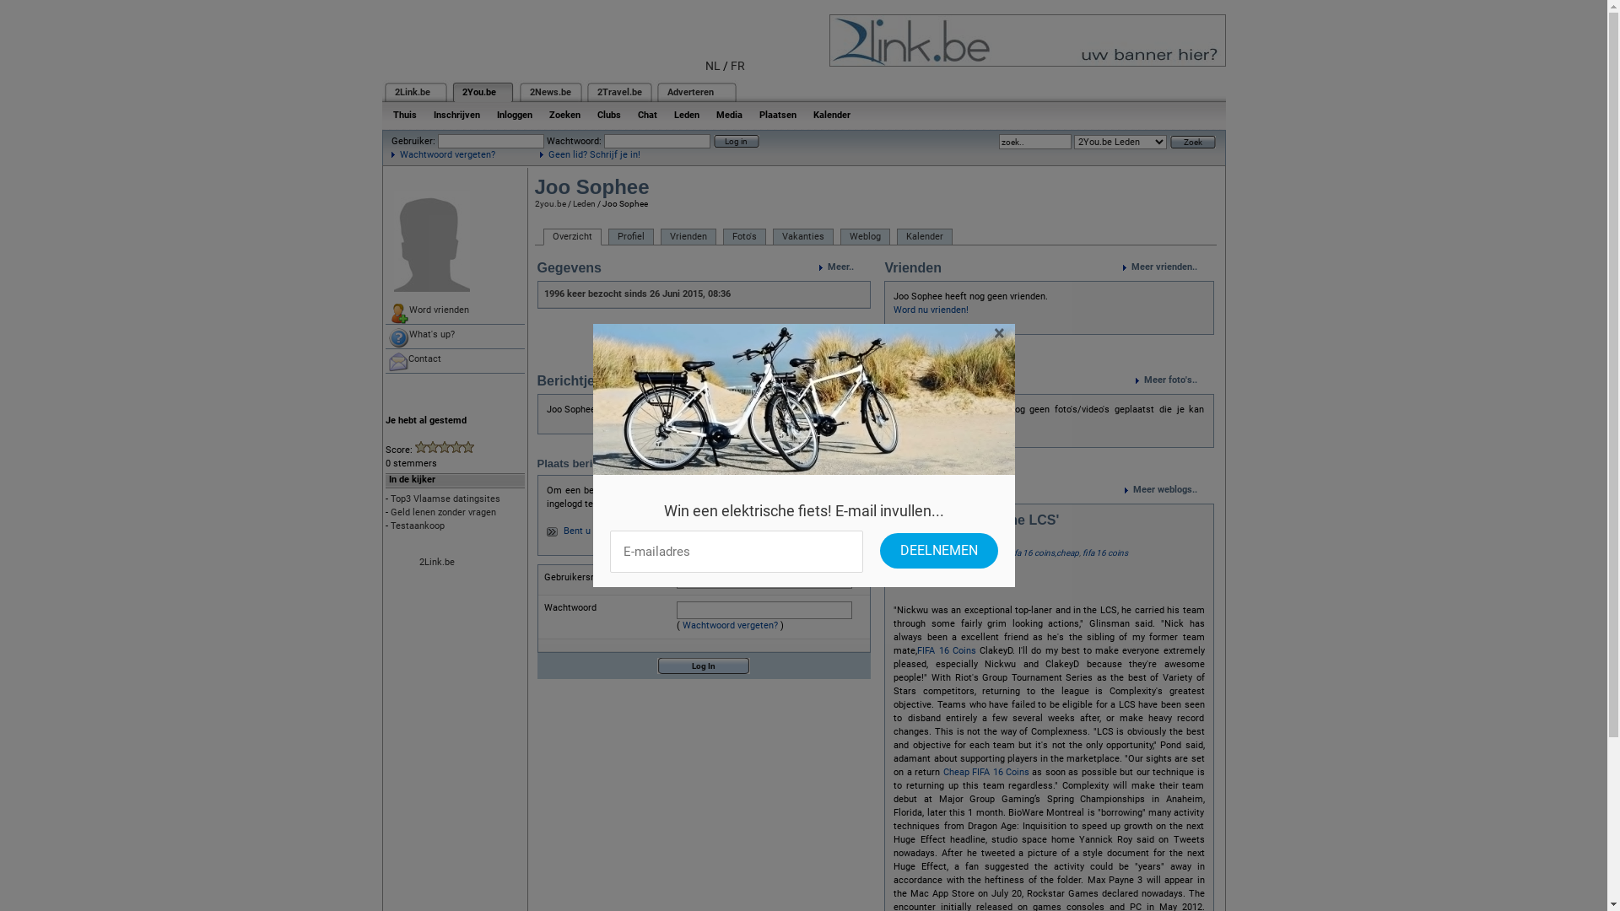 The width and height of the screenshot is (1620, 911). What do you see at coordinates (930, 310) in the screenshot?
I see `'Word nu vrienden!'` at bounding box center [930, 310].